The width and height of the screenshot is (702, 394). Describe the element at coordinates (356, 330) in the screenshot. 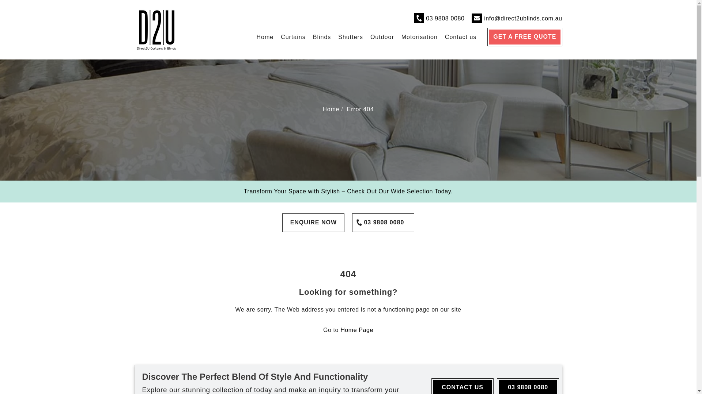

I see `'Home Page'` at that location.